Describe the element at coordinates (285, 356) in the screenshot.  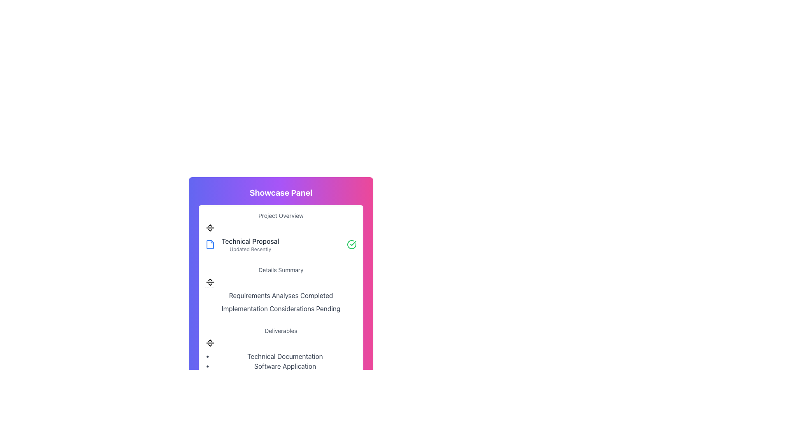
I see `the non-interactive text label indicating 'Technical Documentation', which is the first item in a vertical list of three items` at that location.